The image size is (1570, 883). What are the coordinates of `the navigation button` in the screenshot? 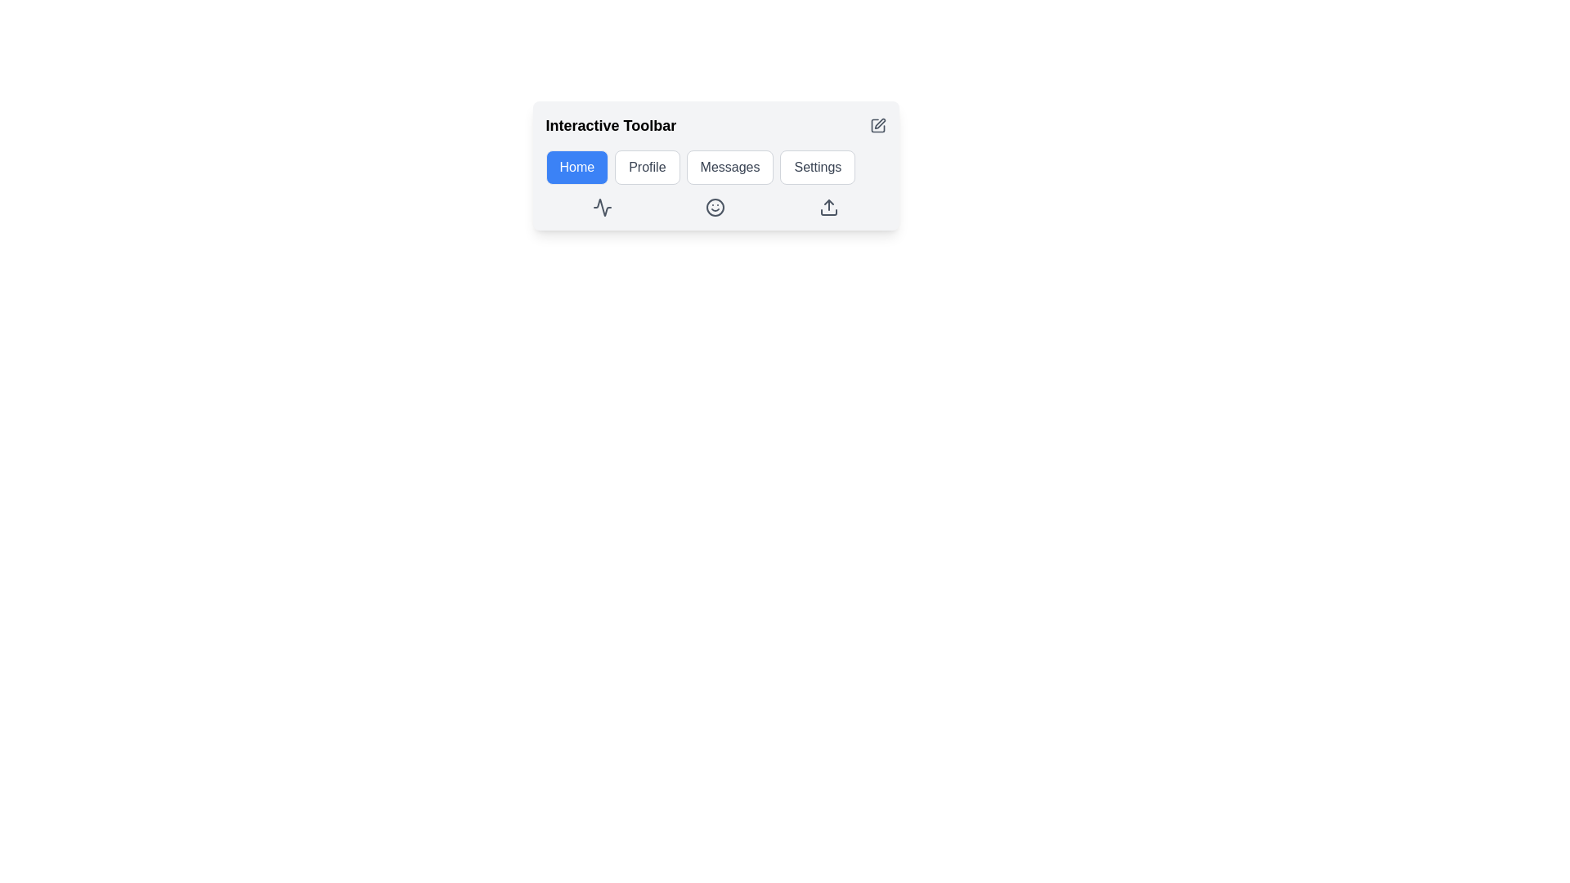 It's located at (715, 167).